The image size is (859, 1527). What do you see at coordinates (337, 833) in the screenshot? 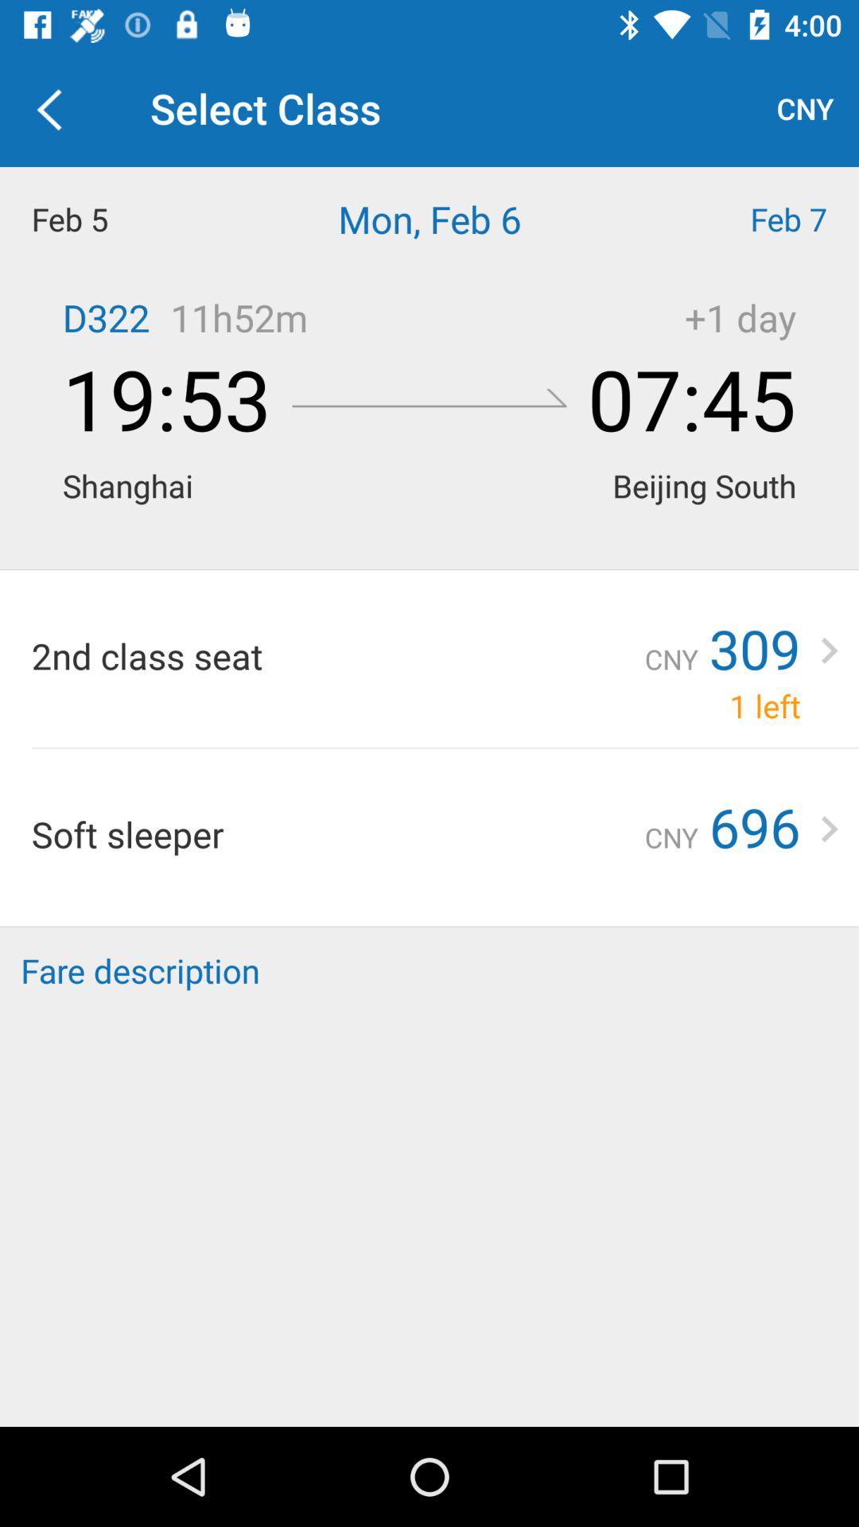
I see `soft sleeper item` at bounding box center [337, 833].